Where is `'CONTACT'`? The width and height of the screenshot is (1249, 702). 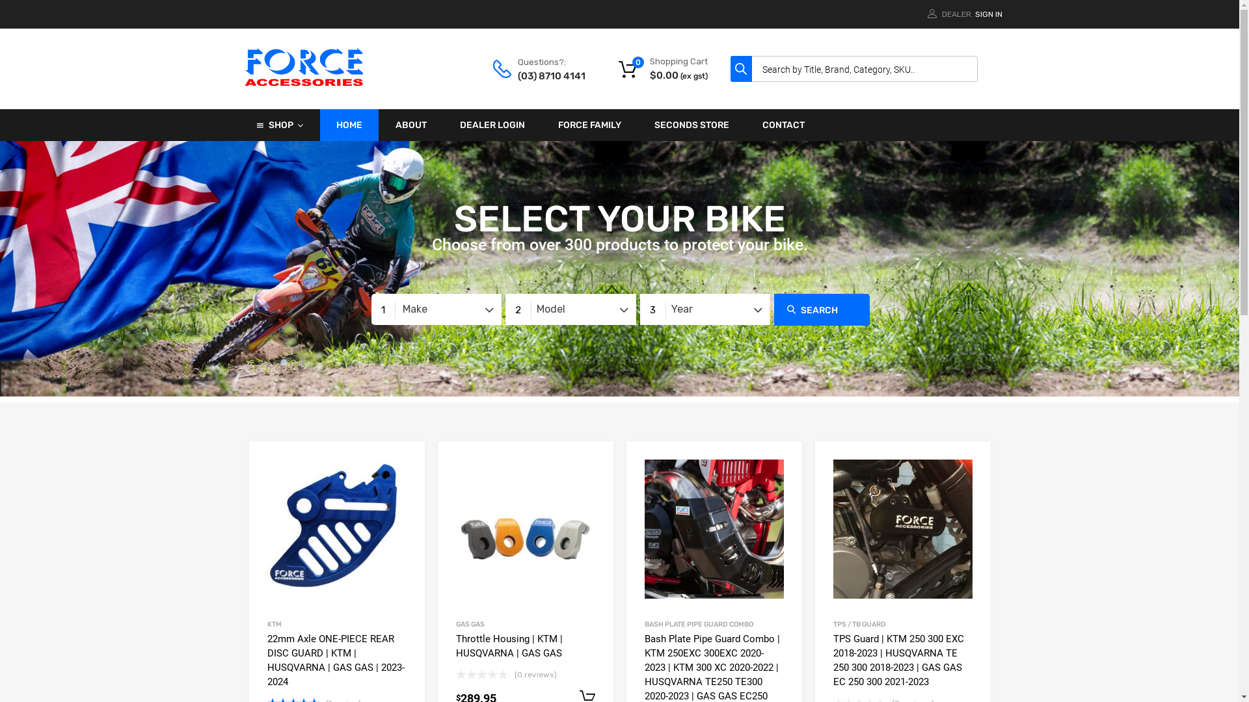 'CONTACT' is located at coordinates (783, 125).